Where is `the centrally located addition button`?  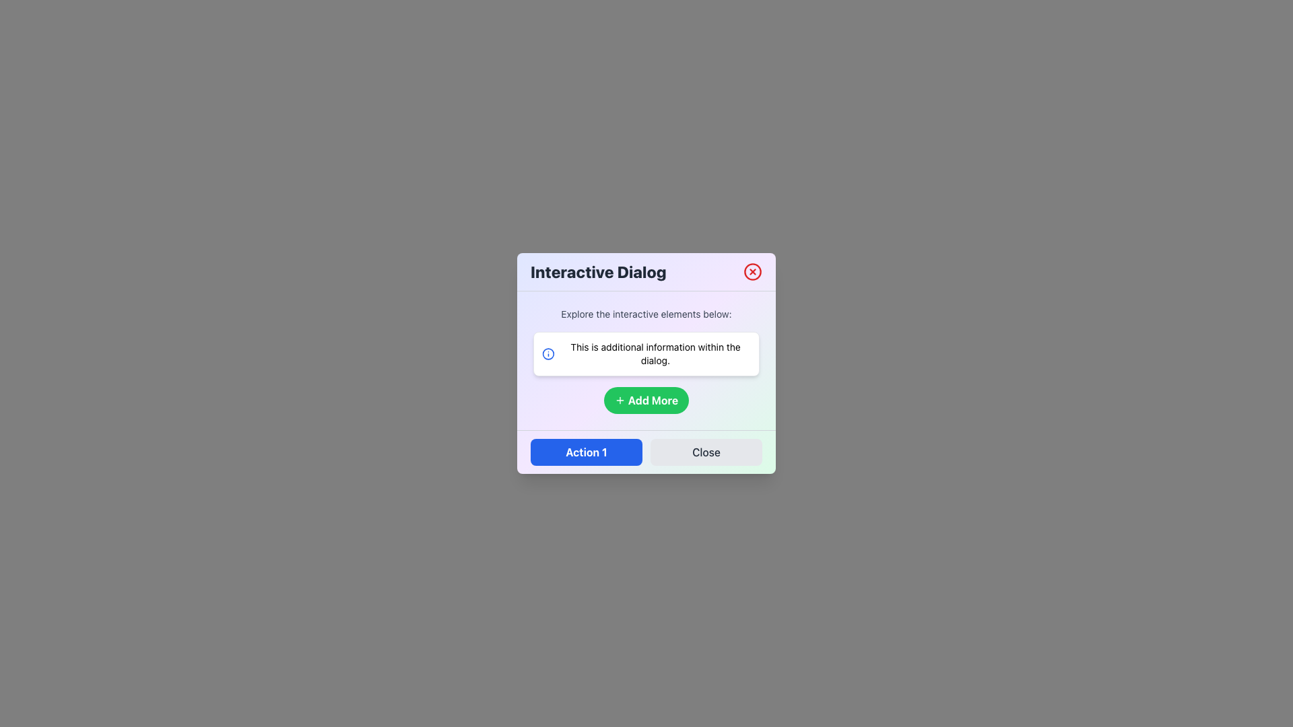 the centrally located addition button is located at coordinates (646, 399).